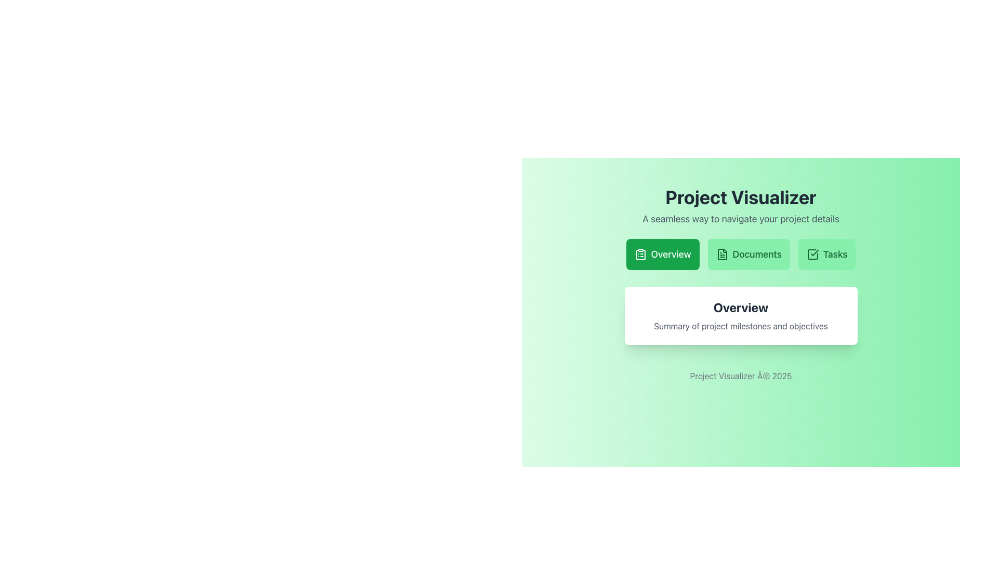  I want to click on the 'Documents' button, which is the middle button in a row of three under the 'Project Visualizer' header, to access document-related options, so click(721, 254).